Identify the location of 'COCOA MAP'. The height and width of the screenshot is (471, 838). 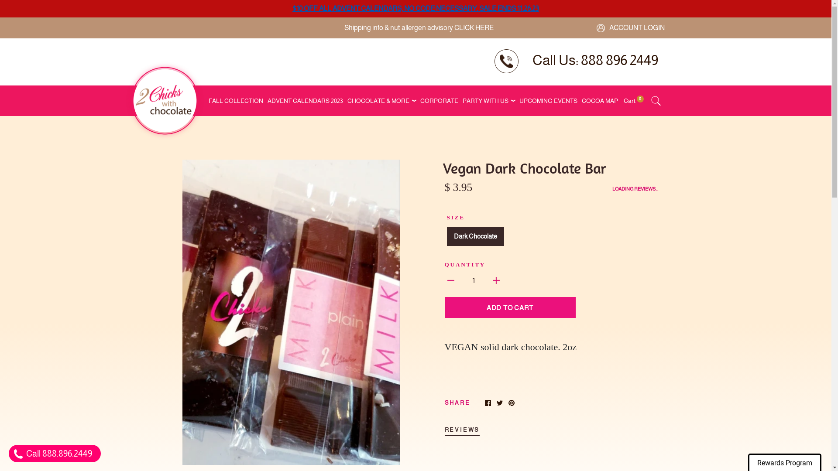
(580, 100).